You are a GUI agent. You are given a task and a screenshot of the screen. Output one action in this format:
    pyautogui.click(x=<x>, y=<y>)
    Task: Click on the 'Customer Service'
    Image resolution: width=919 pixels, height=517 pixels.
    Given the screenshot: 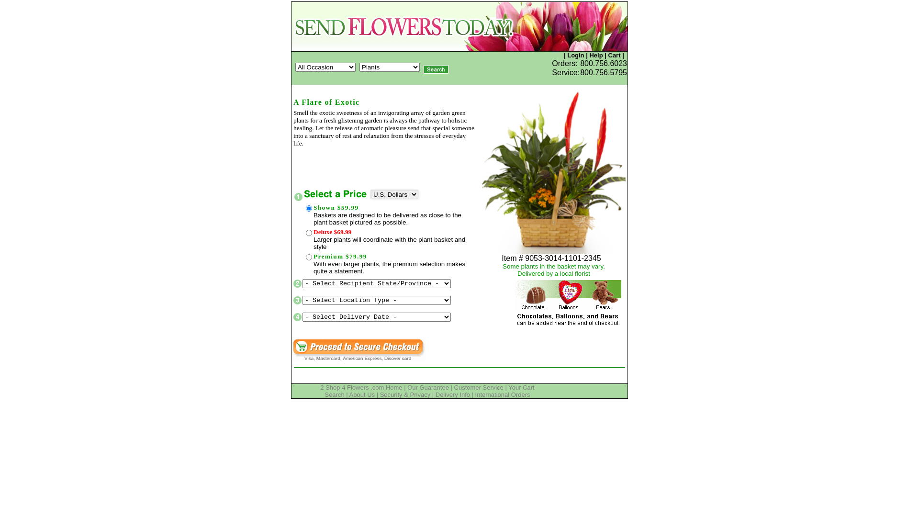 What is the action you would take?
    pyautogui.click(x=479, y=387)
    